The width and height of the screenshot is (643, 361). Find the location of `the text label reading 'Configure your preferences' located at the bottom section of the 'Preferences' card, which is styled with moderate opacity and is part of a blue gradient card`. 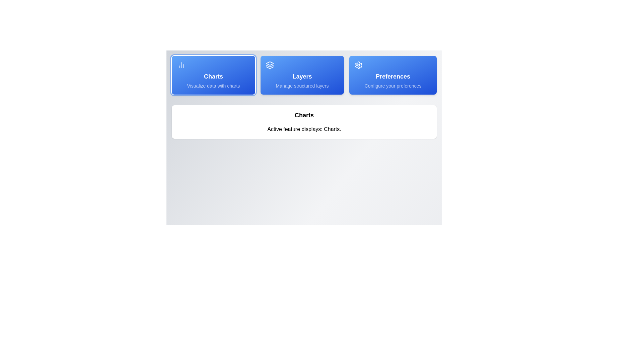

the text label reading 'Configure your preferences' located at the bottom section of the 'Preferences' card, which is styled with moderate opacity and is part of a blue gradient card is located at coordinates (393, 86).